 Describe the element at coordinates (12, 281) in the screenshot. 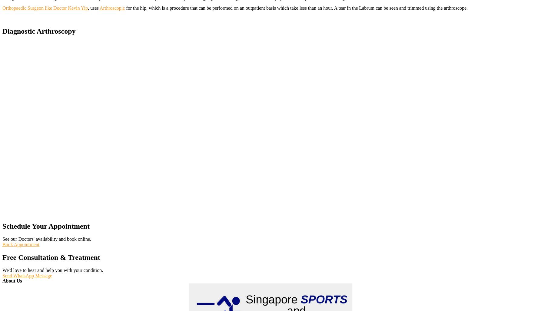

I see `'About Us'` at that location.